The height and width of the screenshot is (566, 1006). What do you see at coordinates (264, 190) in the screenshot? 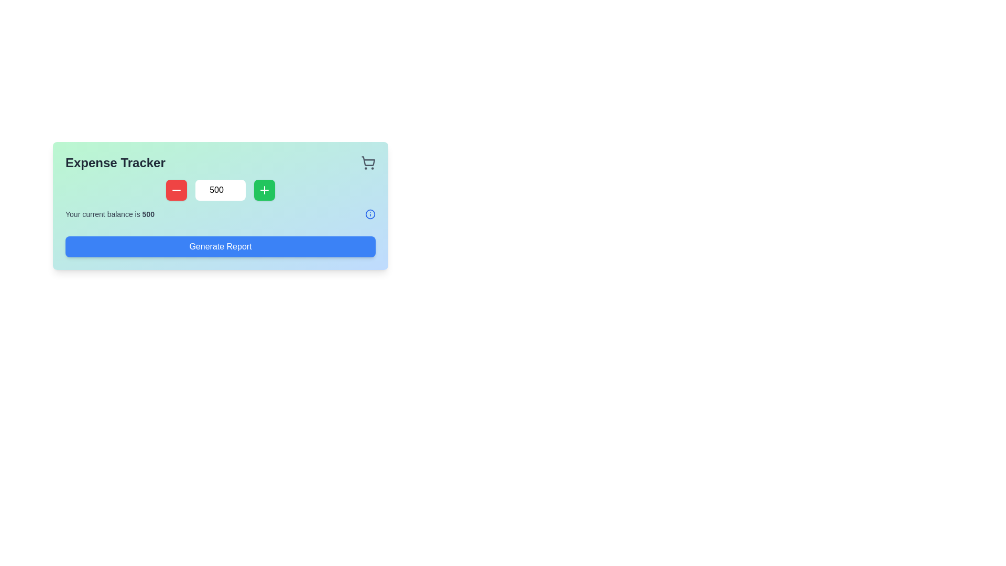
I see `the plus sign icon styled as an SVG graphic with a green background and white stroke, located in the center-right portion of the interface, adjacent to a numeric input field` at bounding box center [264, 190].